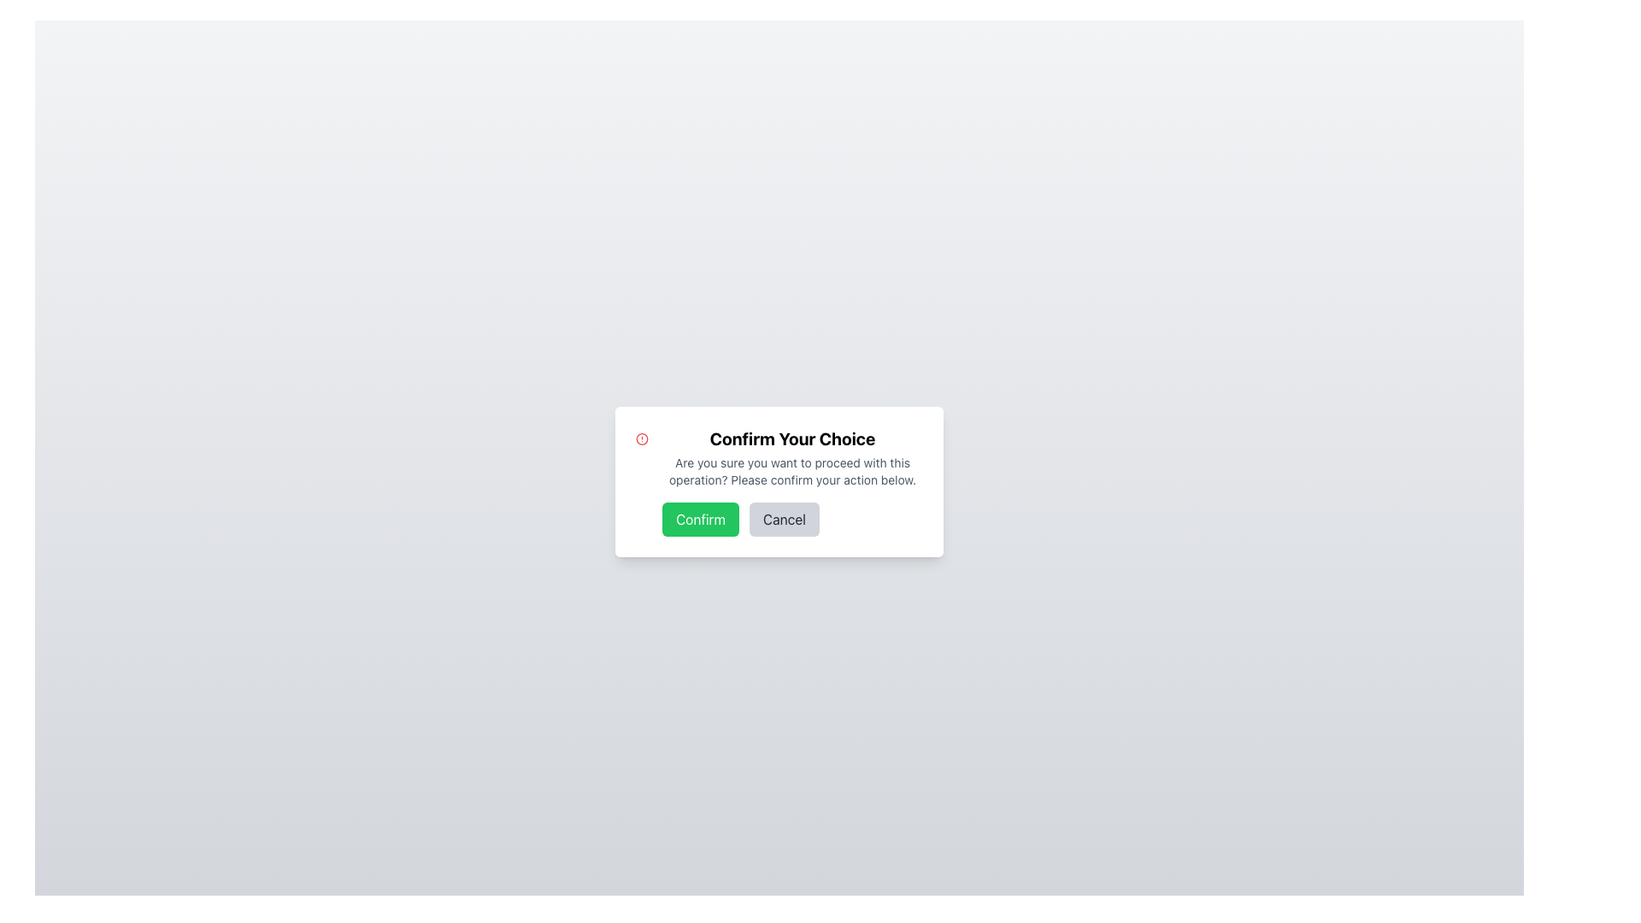 This screenshot has height=923, width=1641. I want to click on the green 'Confirm' button with rounded corners, so click(701, 519).